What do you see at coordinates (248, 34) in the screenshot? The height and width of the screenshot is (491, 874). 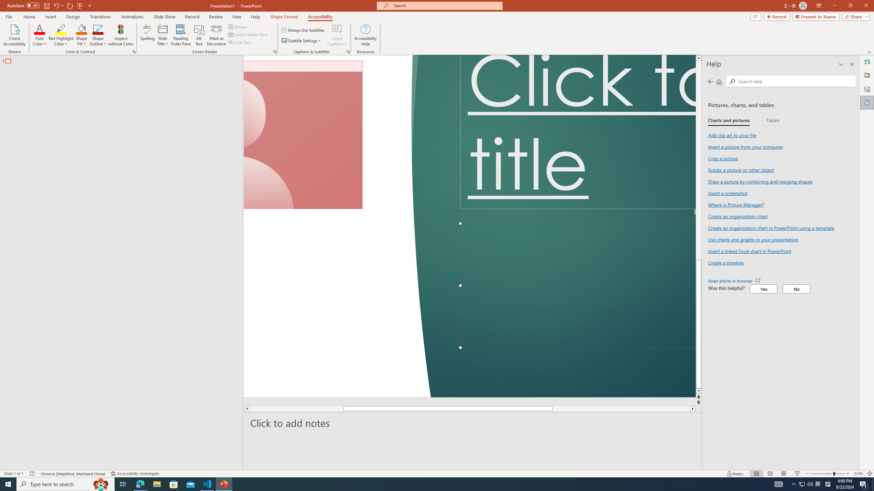 I see `'Insert Header Row'` at bounding box center [248, 34].